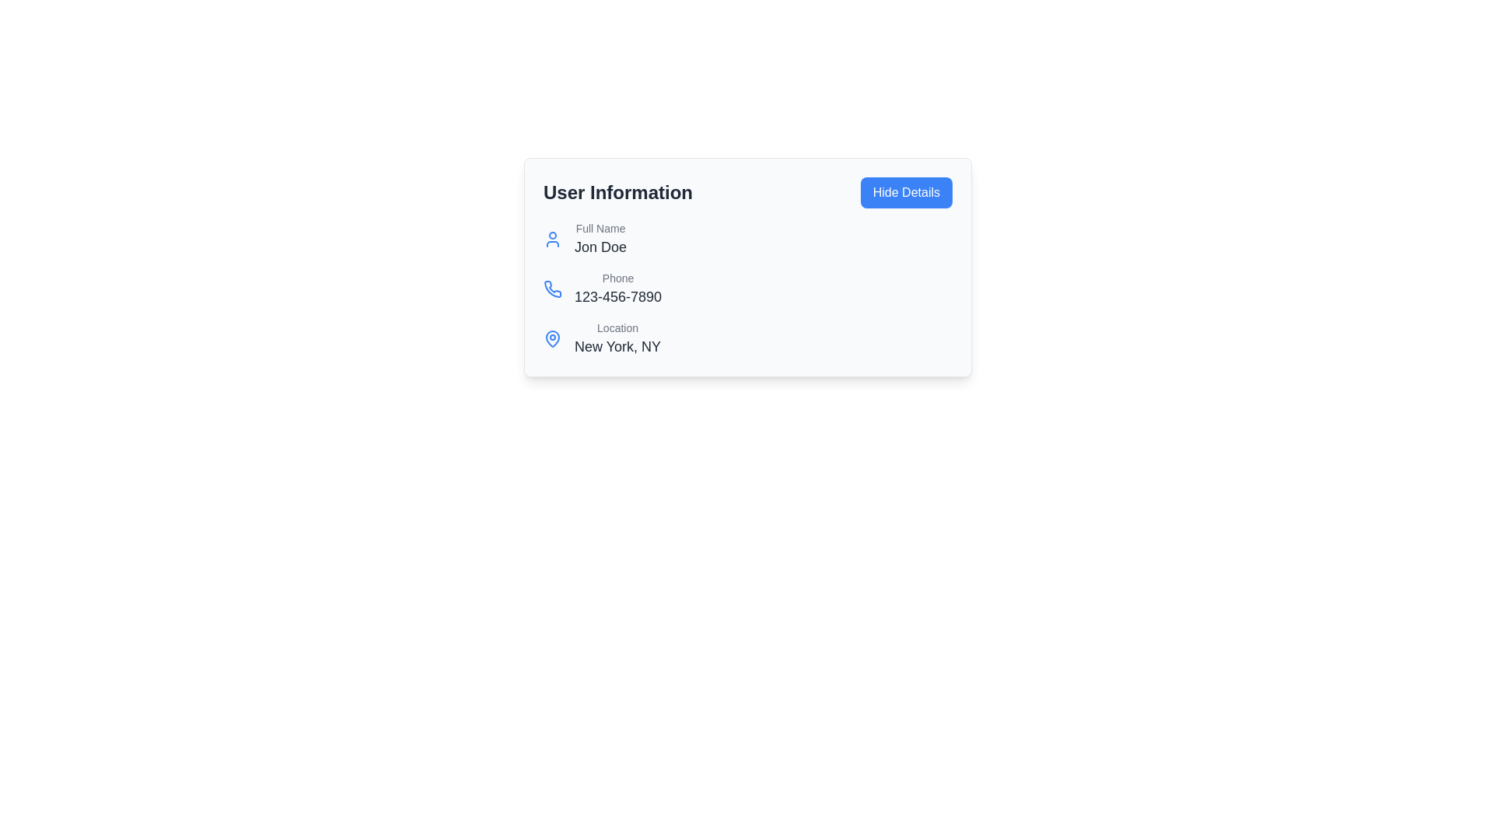  Describe the element at coordinates (617, 296) in the screenshot. I see `the static text displaying the phone number '123-456-7890' which is styled in bold and dark gray color, positioned under the label 'Phone' in the user information card layout` at that location.